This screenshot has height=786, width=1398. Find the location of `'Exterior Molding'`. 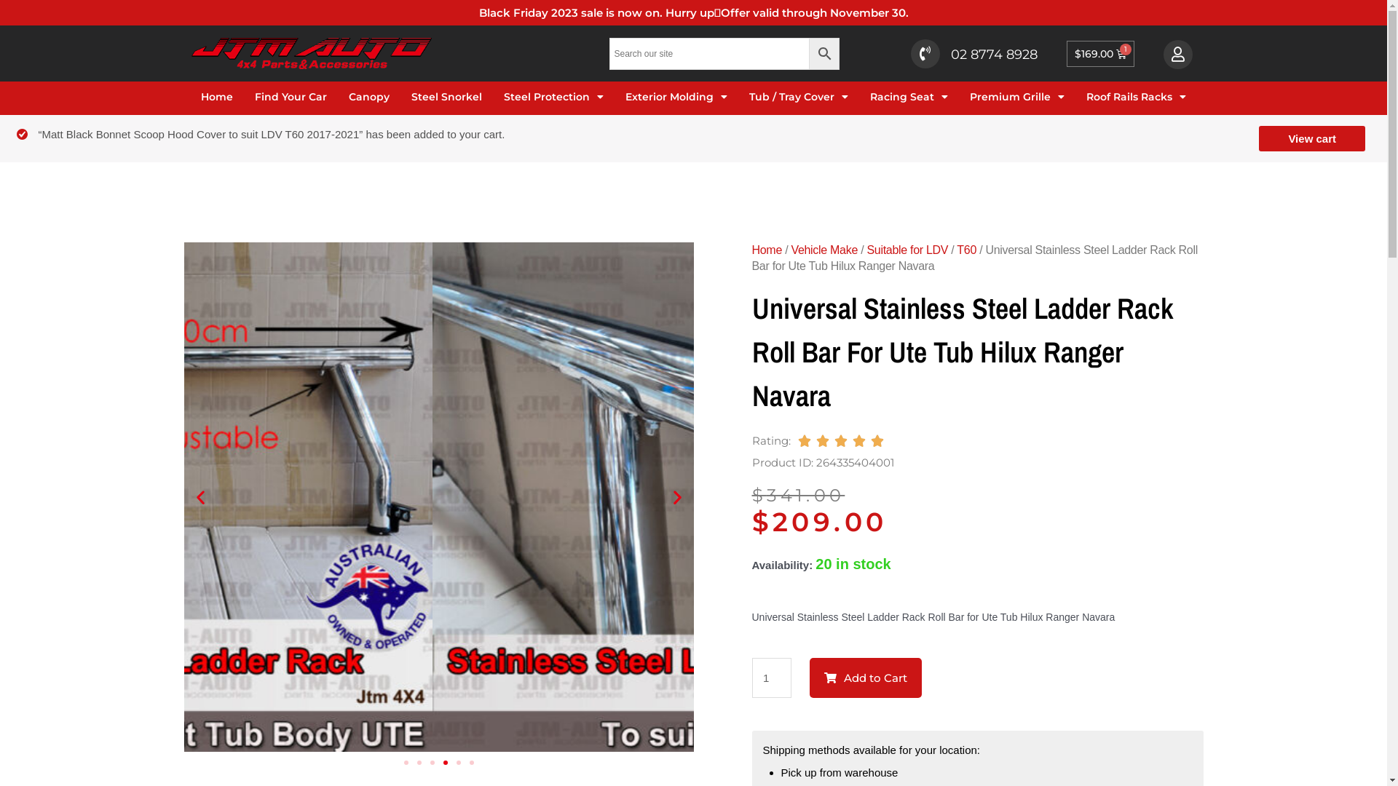

'Exterior Molding' is located at coordinates (625, 97).